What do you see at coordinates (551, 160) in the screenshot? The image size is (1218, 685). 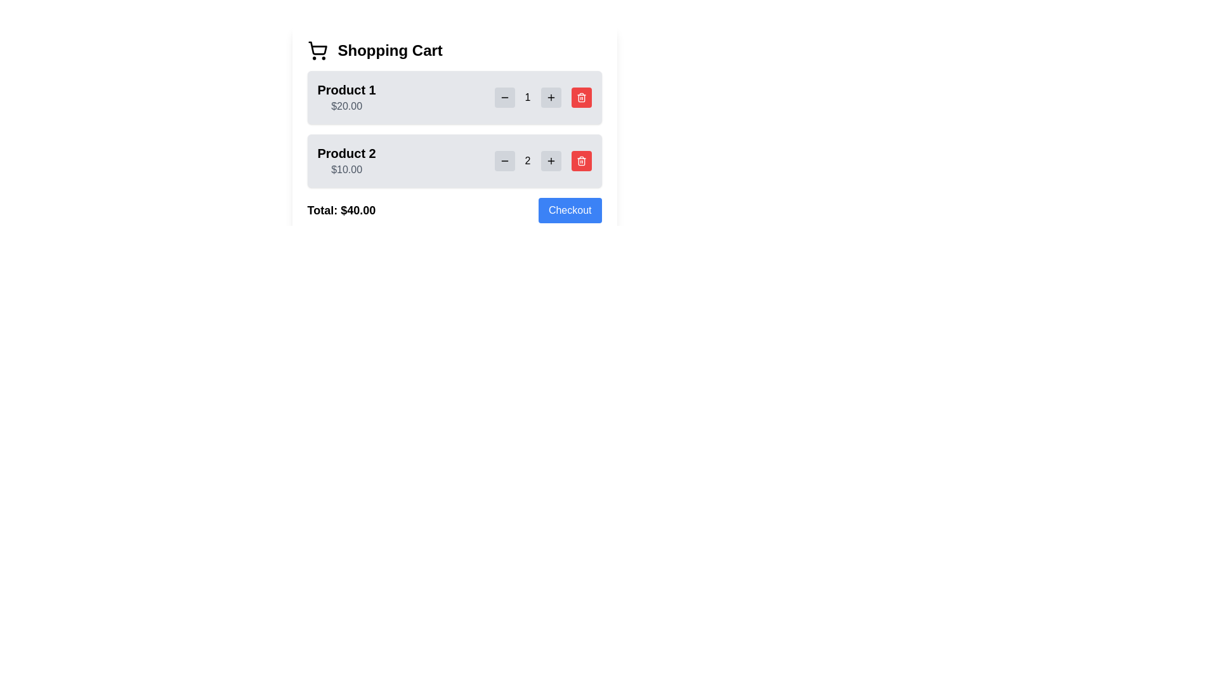 I see `the button that increases the quantity of 'Product 2' in the shopping cart` at bounding box center [551, 160].